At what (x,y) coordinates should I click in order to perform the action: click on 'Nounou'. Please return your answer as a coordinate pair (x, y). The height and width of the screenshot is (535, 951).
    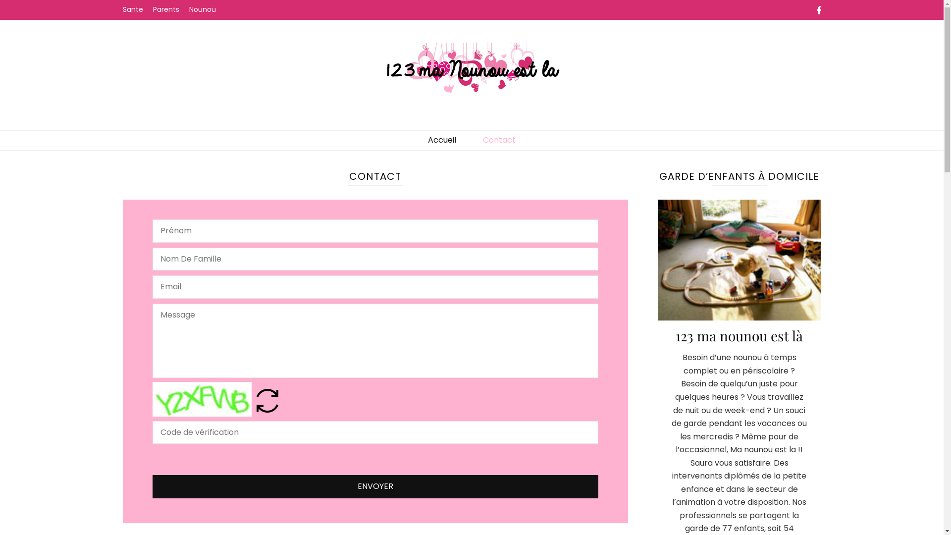
    Looking at the image, I should click on (189, 9).